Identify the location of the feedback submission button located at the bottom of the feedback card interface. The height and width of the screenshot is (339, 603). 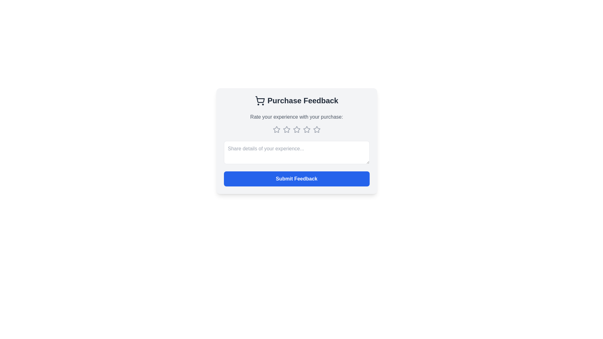
(296, 179).